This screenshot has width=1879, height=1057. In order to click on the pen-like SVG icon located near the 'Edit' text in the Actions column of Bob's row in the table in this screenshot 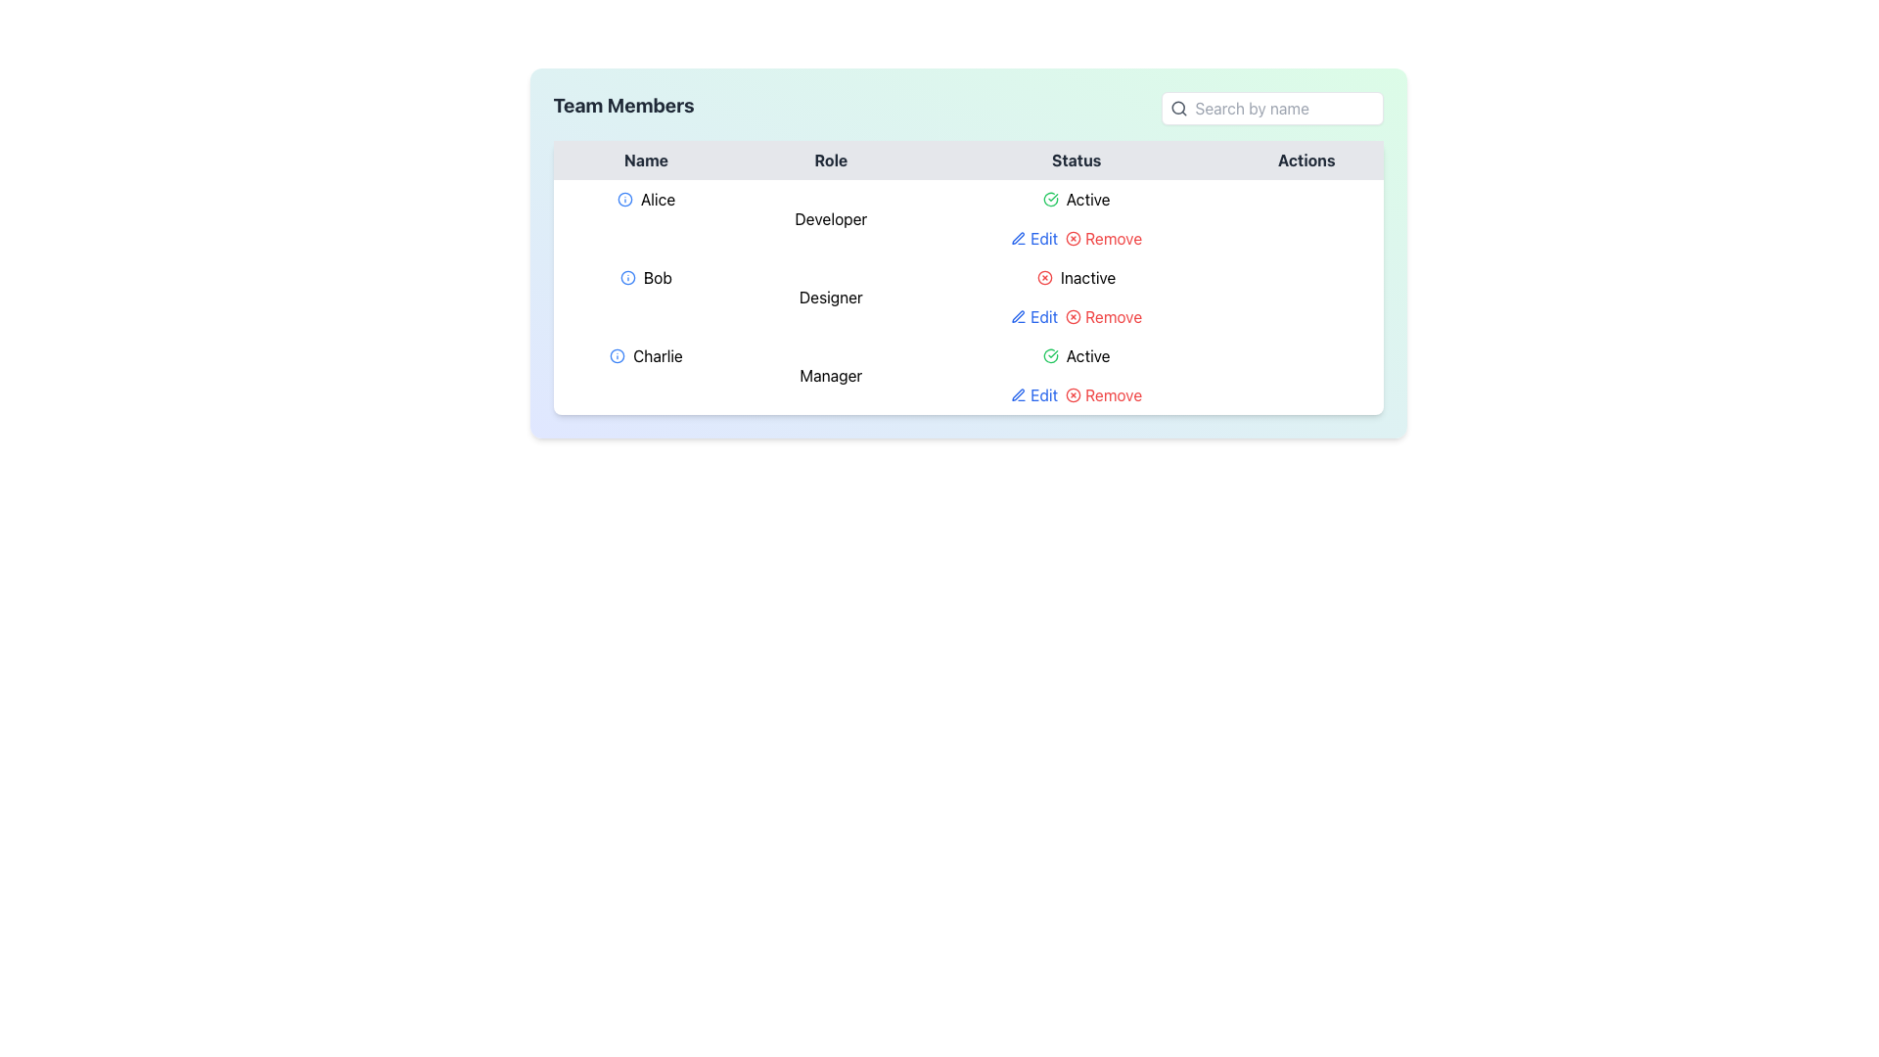, I will do `click(1018, 237)`.